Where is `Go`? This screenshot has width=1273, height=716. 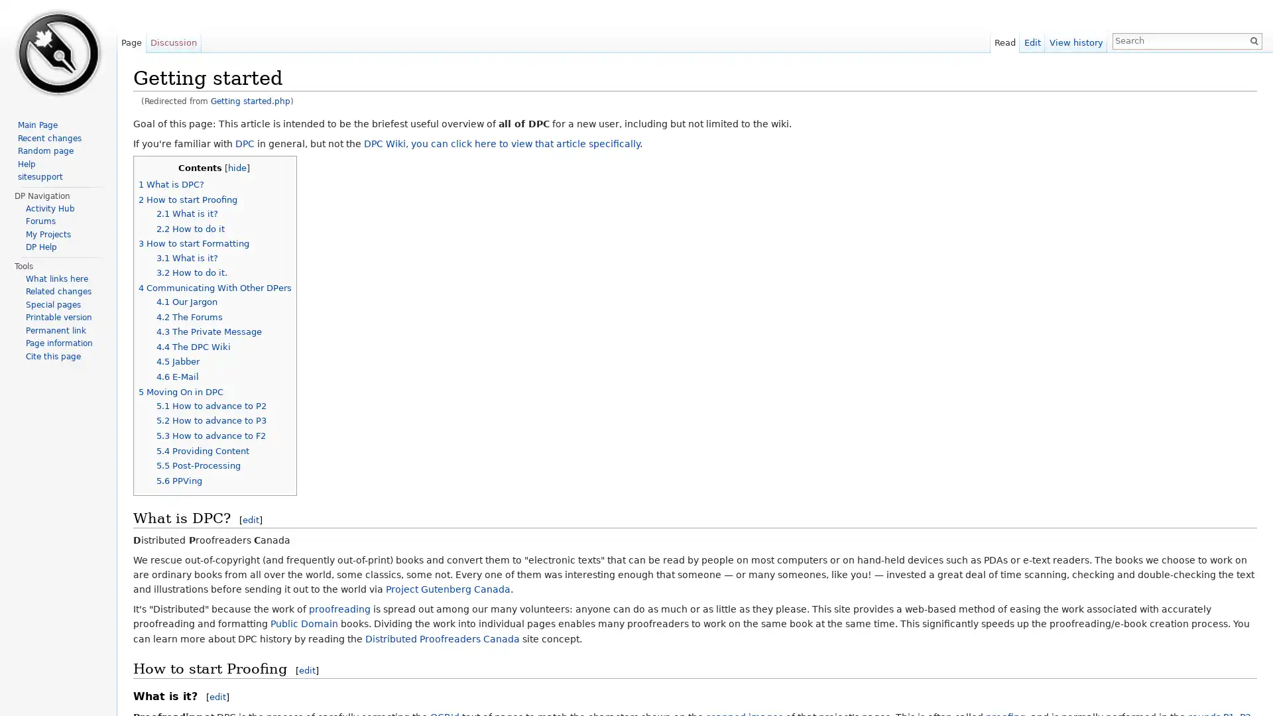
Go is located at coordinates (1253, 40).